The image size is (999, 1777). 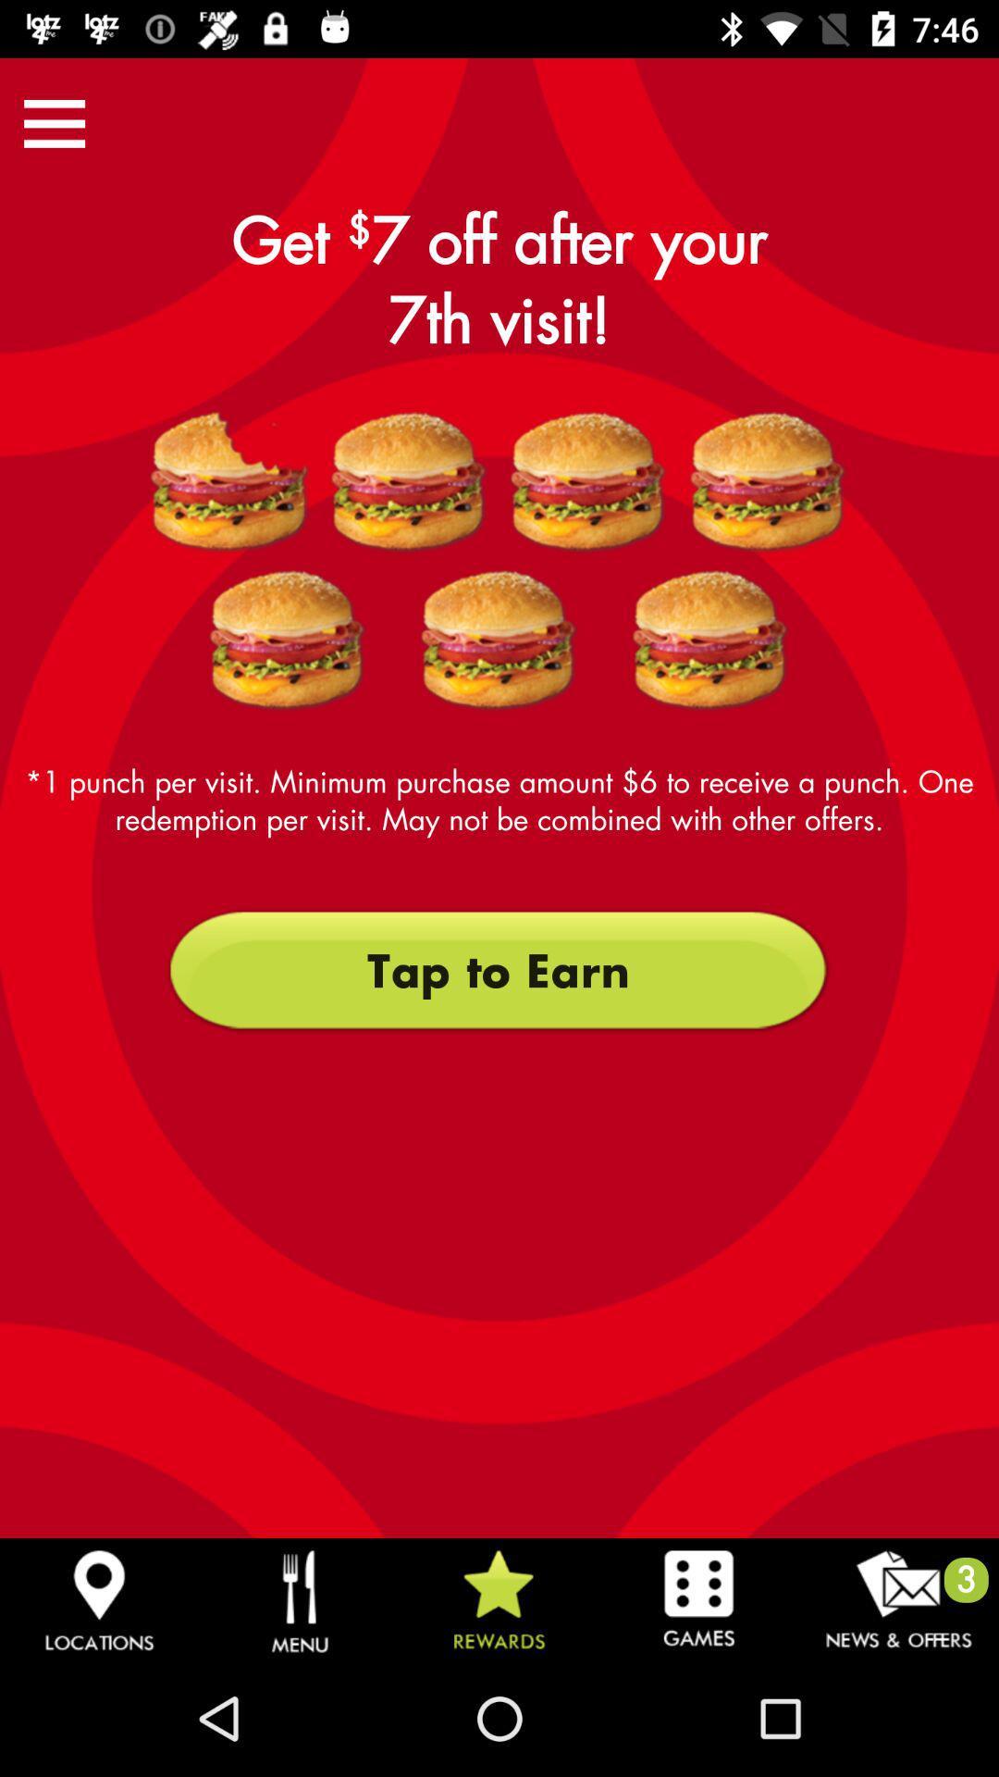 What do you see at coordinates (54, 122) in the screenshot?
I see `menu options` at bounding box center [54, 122].